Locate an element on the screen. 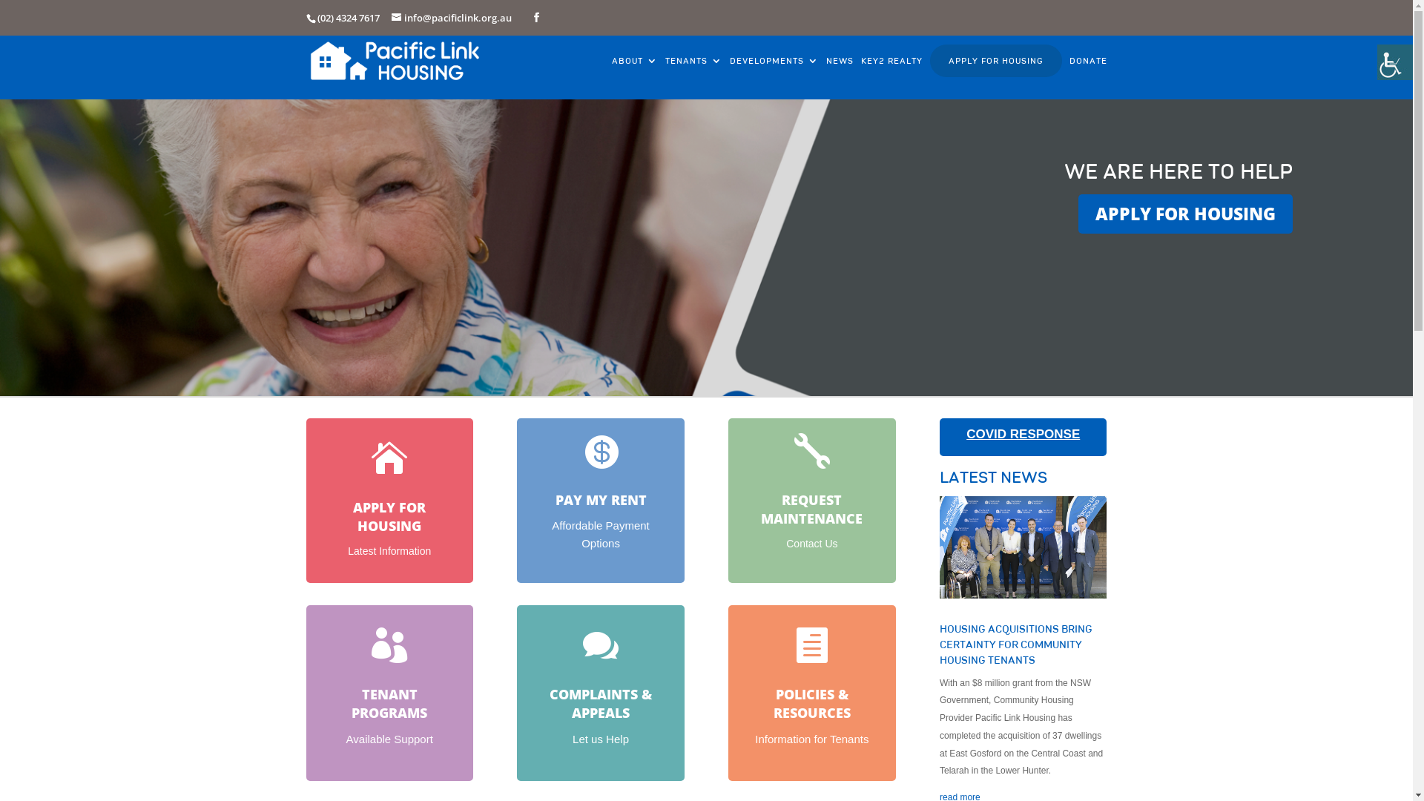  'Information for Tenants' is located at coordinates (811, 739).